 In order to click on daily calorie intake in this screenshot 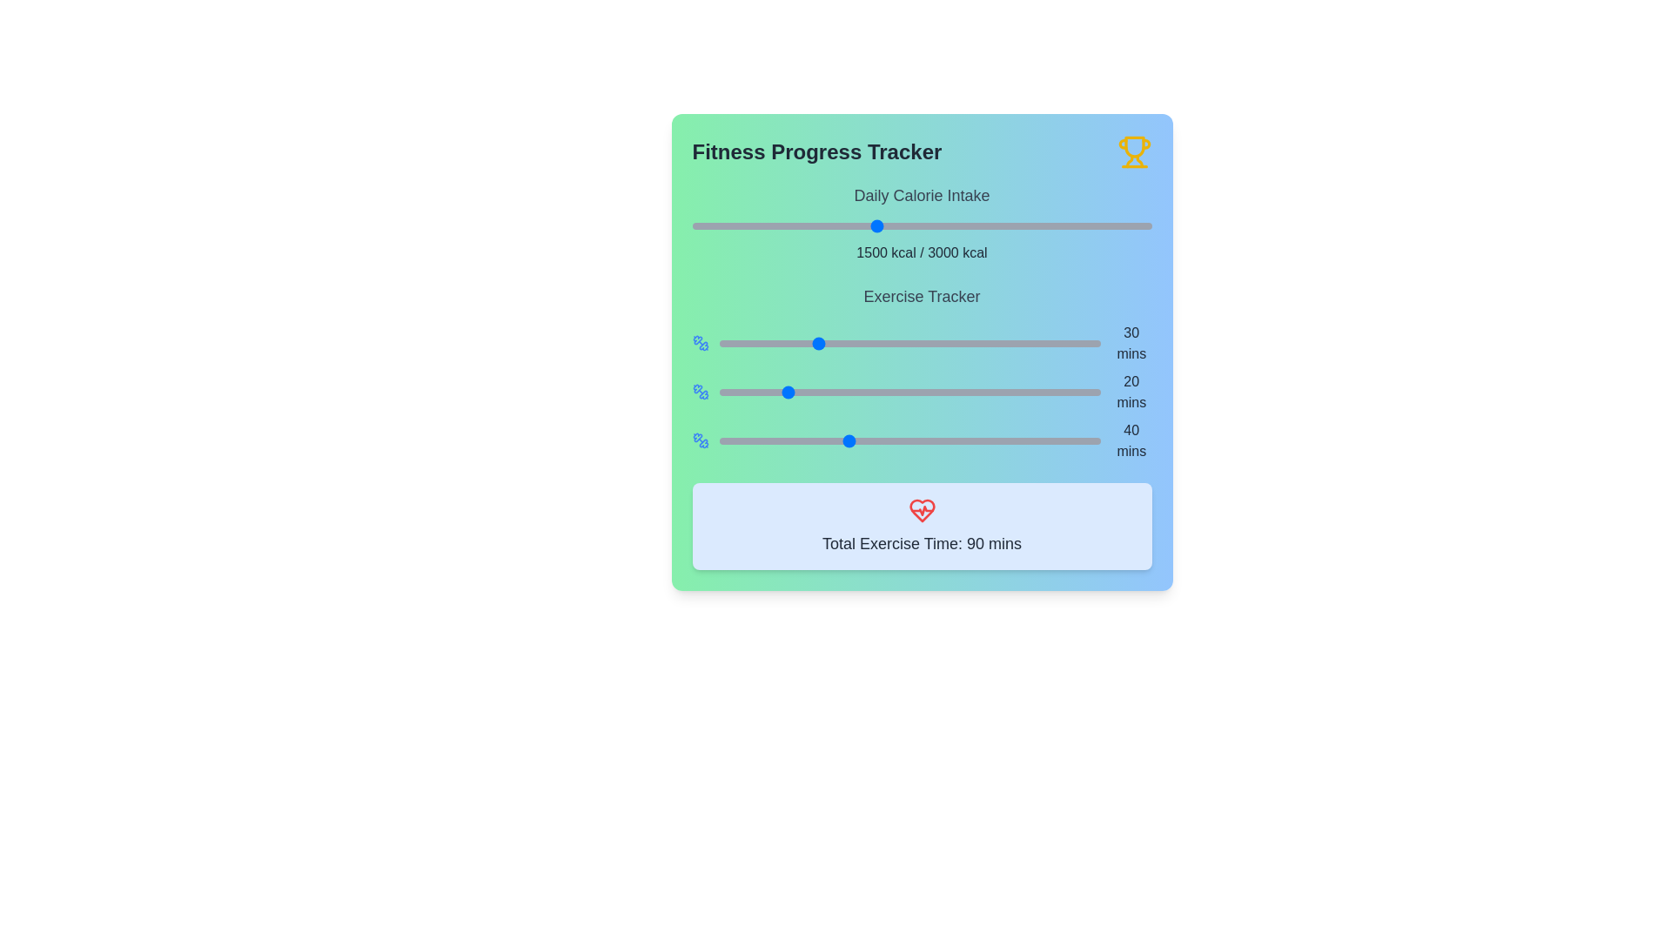, I will do `click(921, 225)`.